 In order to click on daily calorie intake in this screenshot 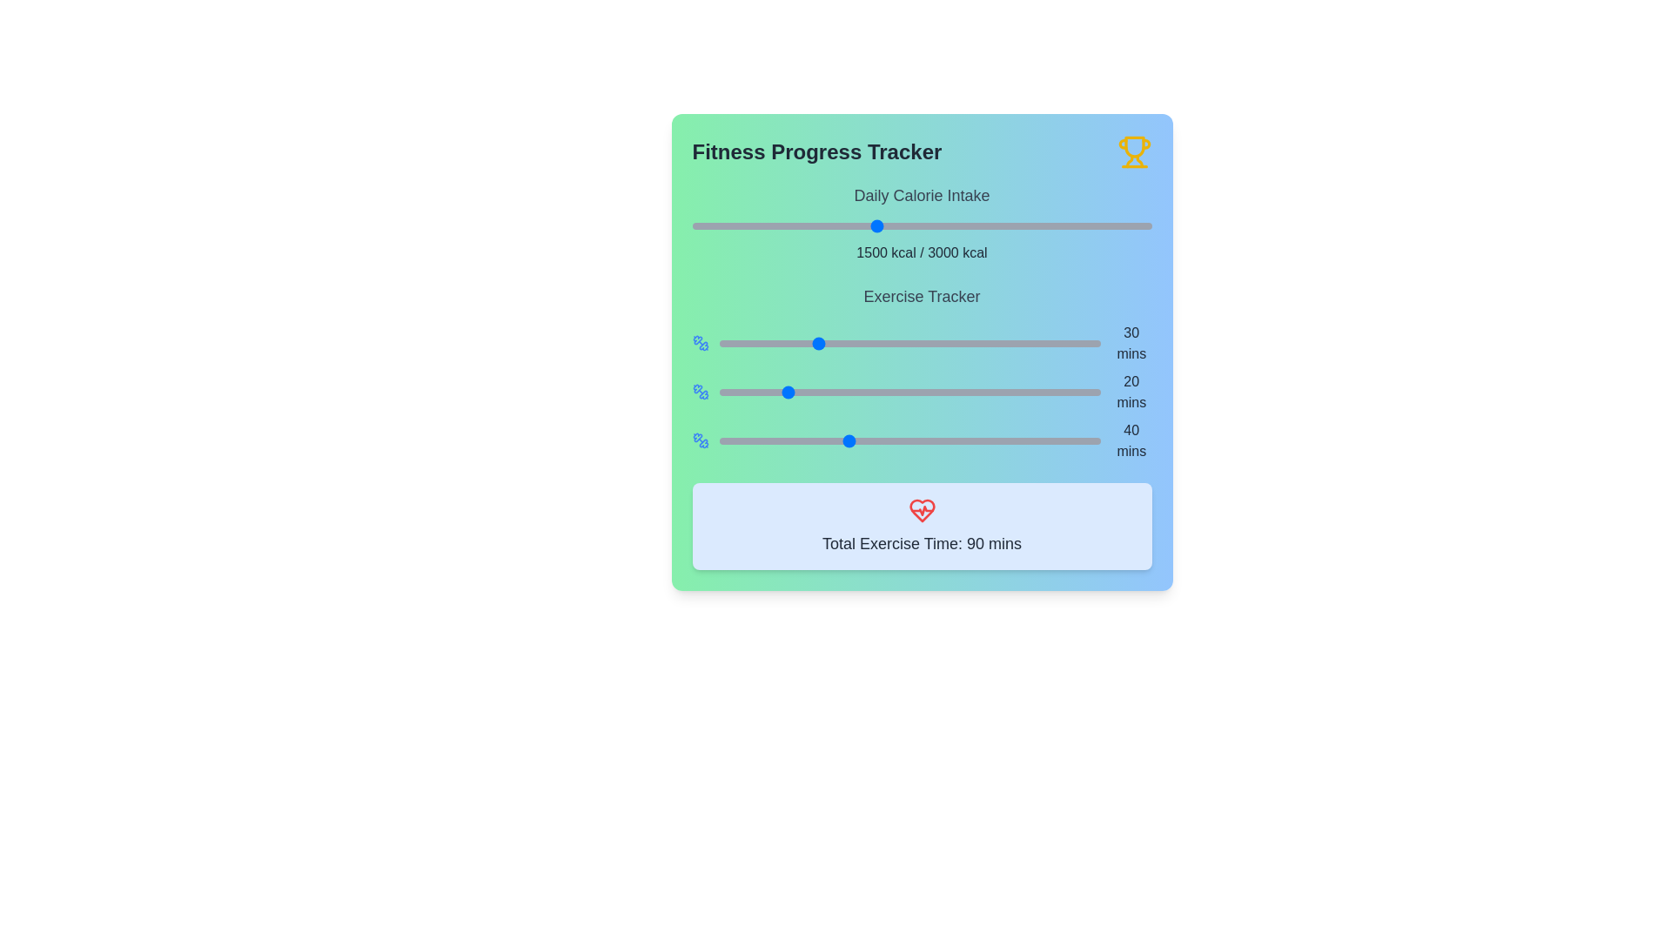, I will do `click(921, 225)`.